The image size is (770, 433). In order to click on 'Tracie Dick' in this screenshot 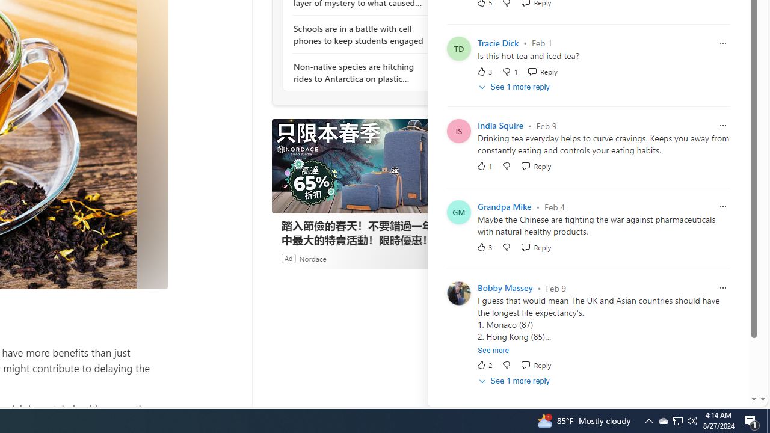, I will do `click(498, 42)`.